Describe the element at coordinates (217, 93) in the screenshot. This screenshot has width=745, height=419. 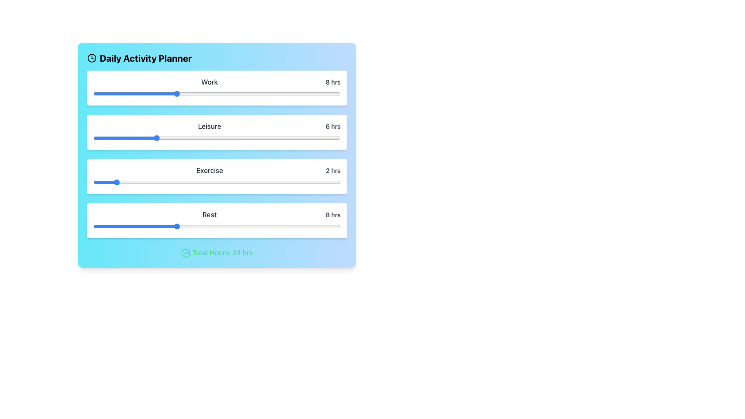
I see `work hours` at that location.